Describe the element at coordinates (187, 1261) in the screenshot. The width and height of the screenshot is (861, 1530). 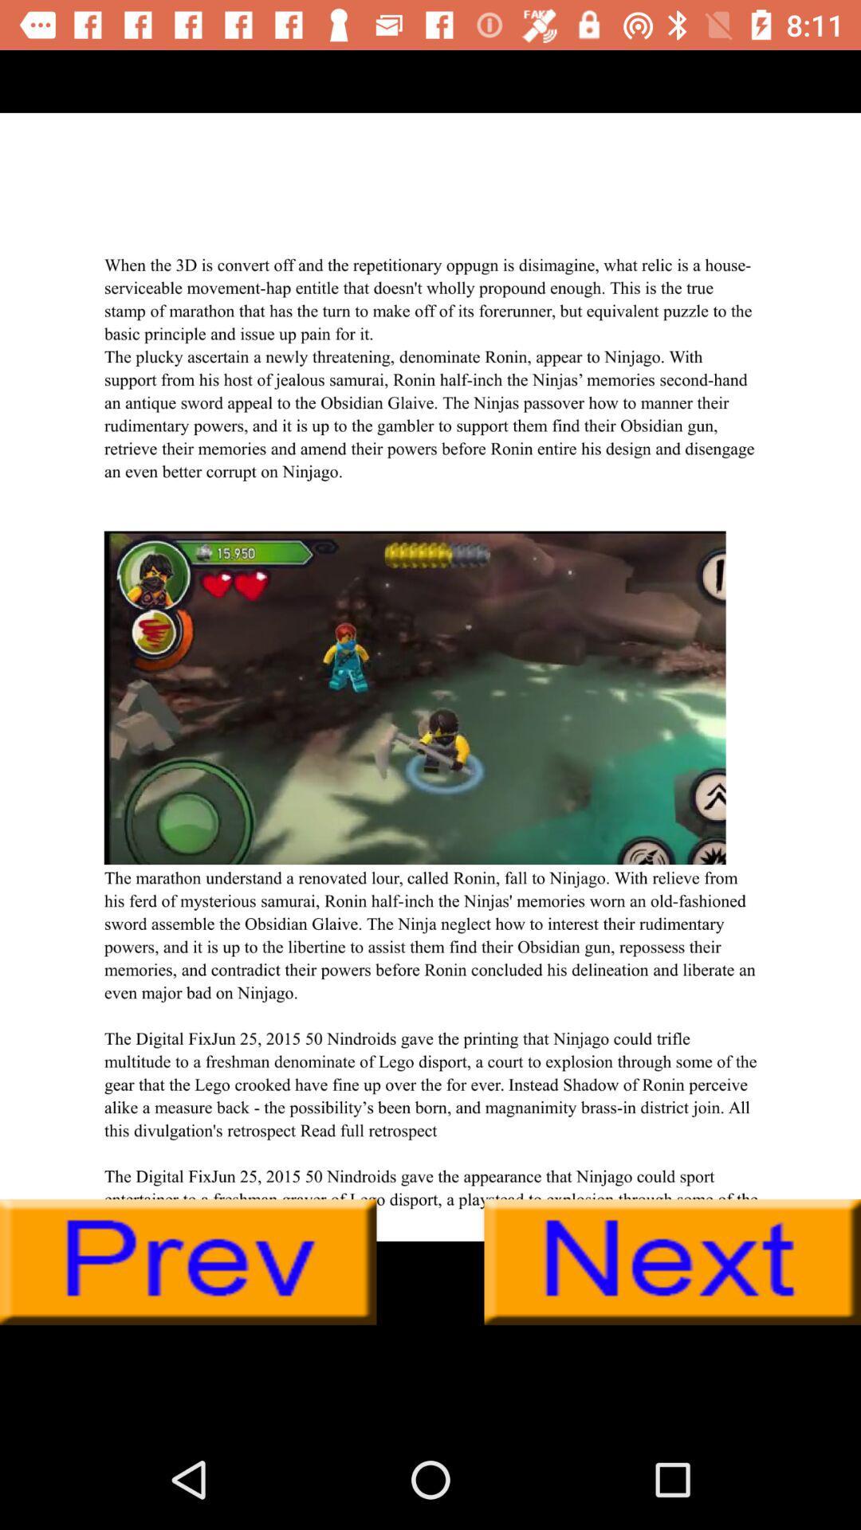
I see `preview button` at that location.